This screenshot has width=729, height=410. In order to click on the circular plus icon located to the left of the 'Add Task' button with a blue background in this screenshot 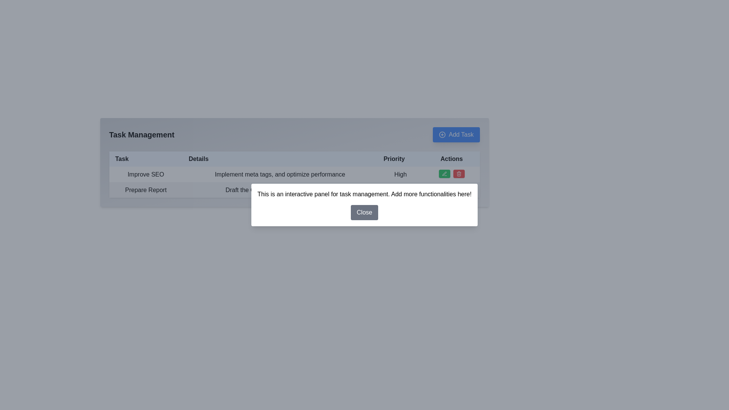, I will do `click(442, 134)`.